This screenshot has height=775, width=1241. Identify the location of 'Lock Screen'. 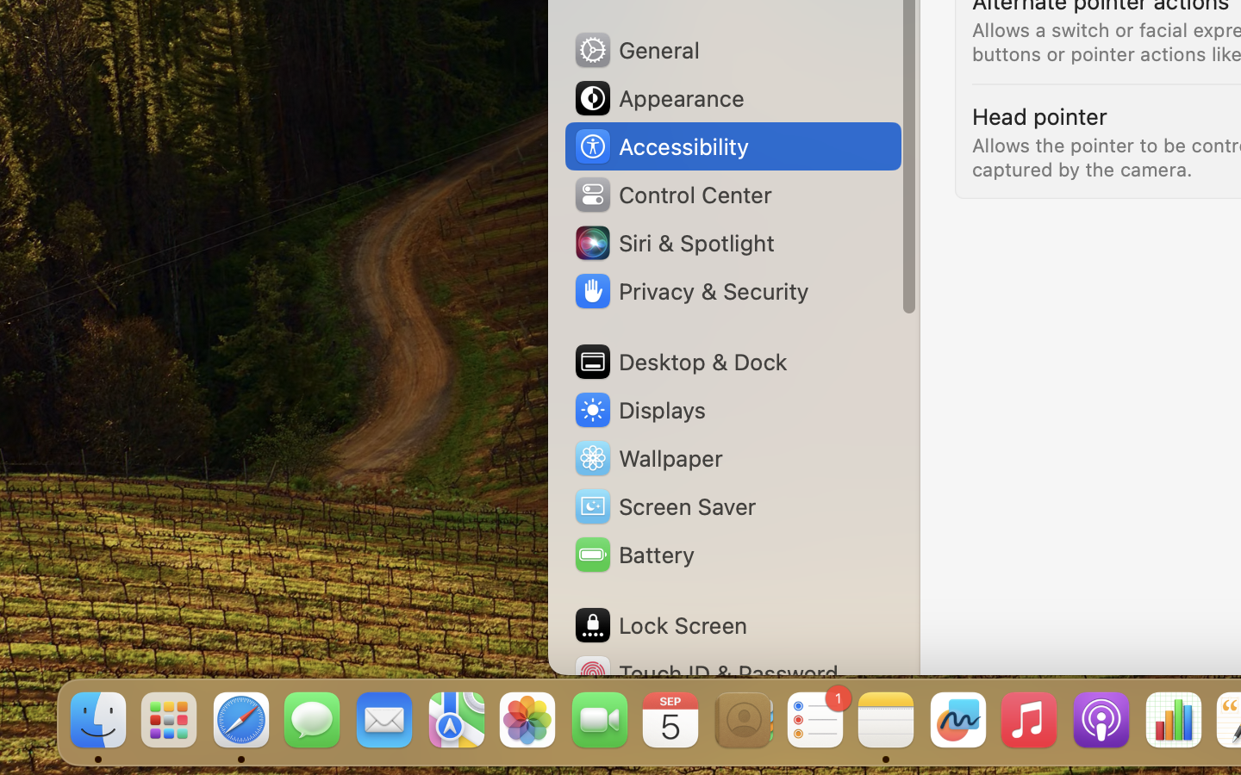
(658, 624).